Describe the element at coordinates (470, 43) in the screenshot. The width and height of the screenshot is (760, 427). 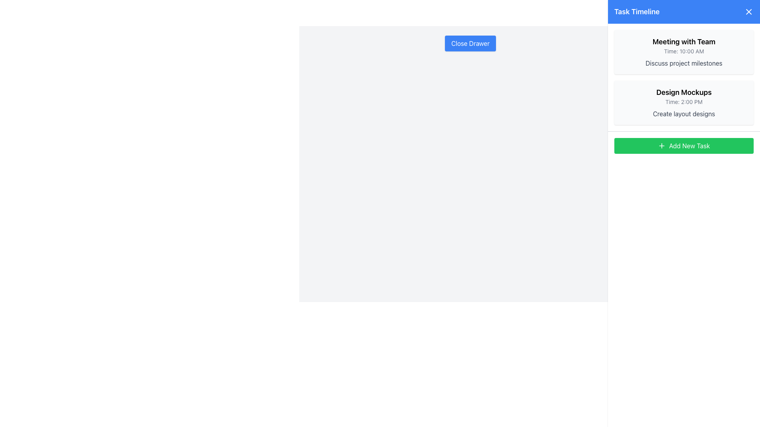
I see `the close button located near the top of the interface to change its appearance` at that location.